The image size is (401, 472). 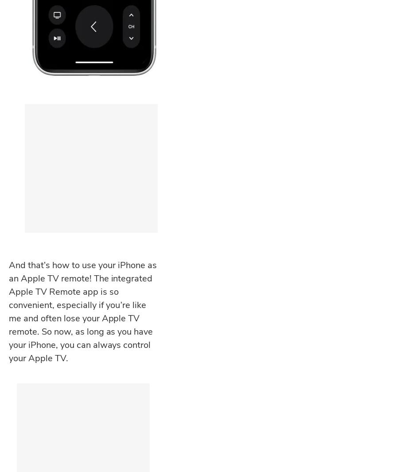 I want to click on 'Apple Apps', so click(x=113, y=371).